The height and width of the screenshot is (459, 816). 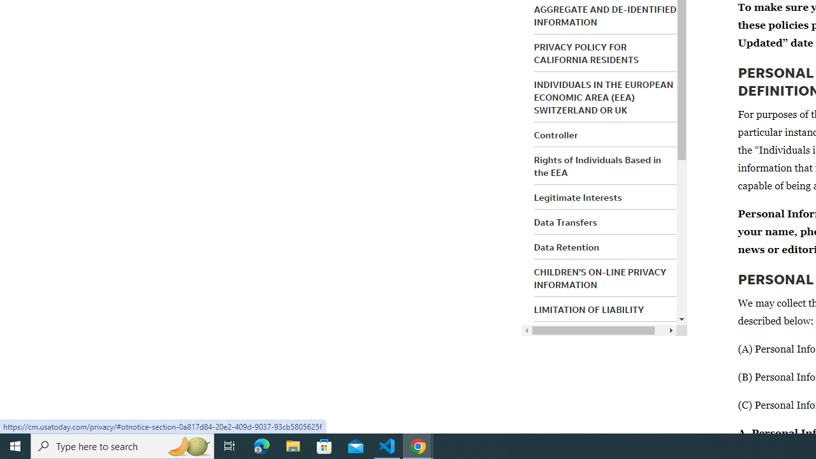 I want to click on 'AGGREGATE AND DE-IDENTIFIED INFORMATION', so click(x=604, y=15).